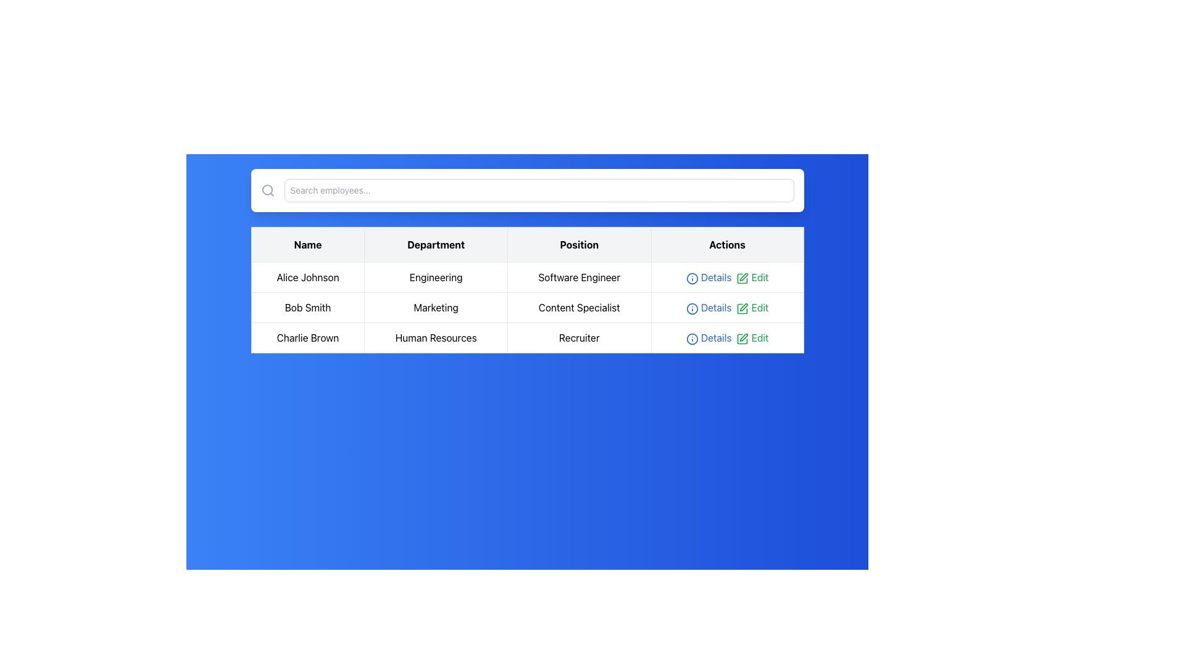 This screenshot has height=666, width=1185. I want to click on the interactive link in the 'Actions' column of the second row of the table, so click(752, 306).